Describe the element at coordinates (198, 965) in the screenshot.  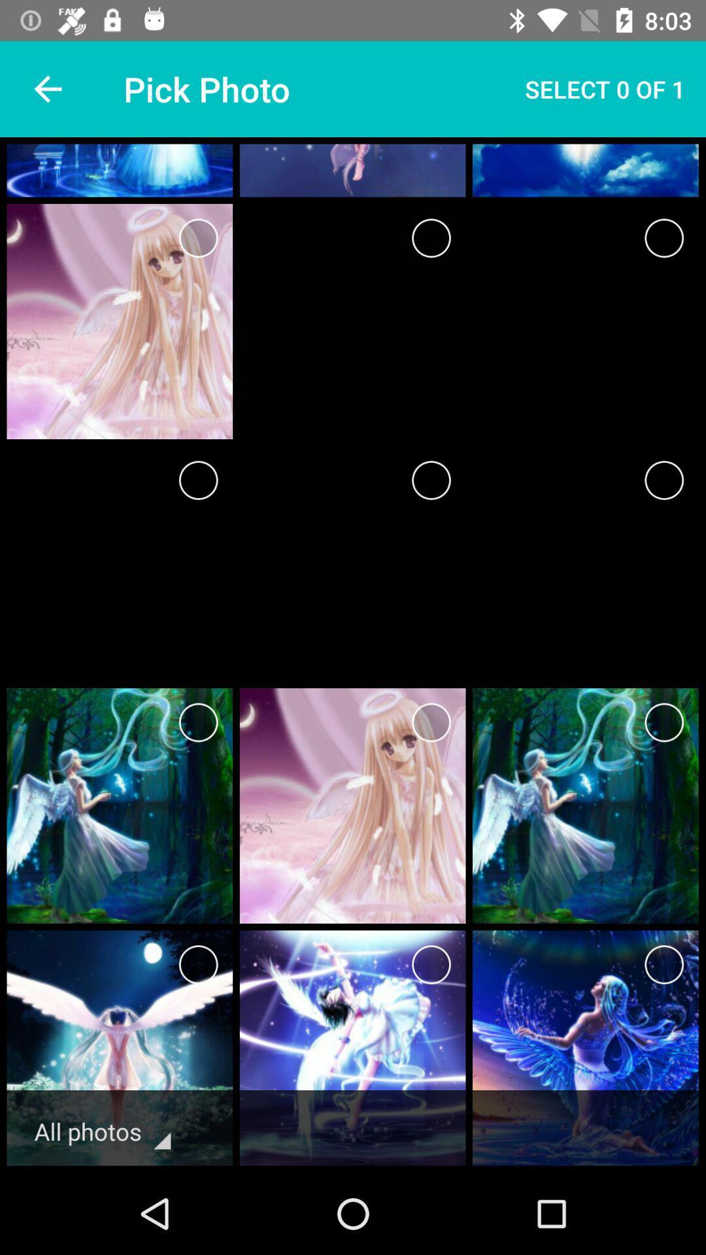
I see `button` at that location.